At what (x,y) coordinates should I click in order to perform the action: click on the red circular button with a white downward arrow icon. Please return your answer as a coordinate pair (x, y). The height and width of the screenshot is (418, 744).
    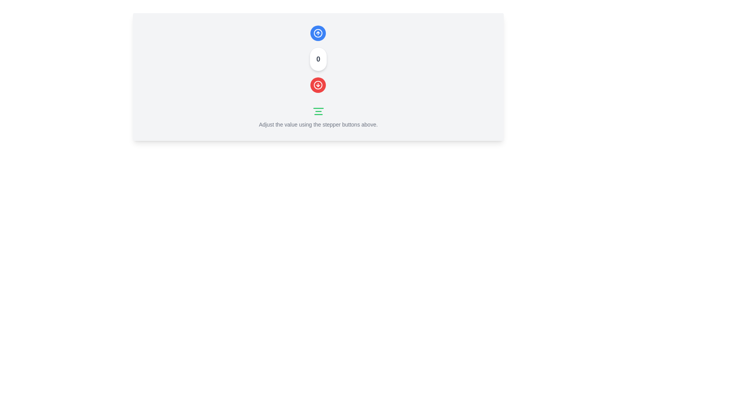
    Looking at the image, I should click on (318, 85).